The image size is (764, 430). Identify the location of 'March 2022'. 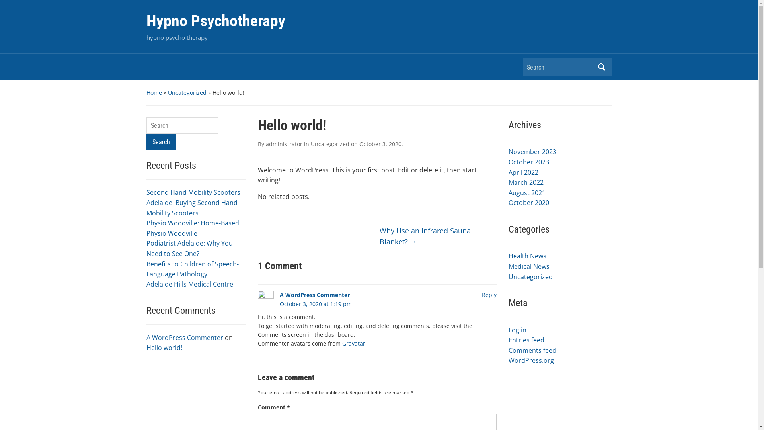
(526, 182).